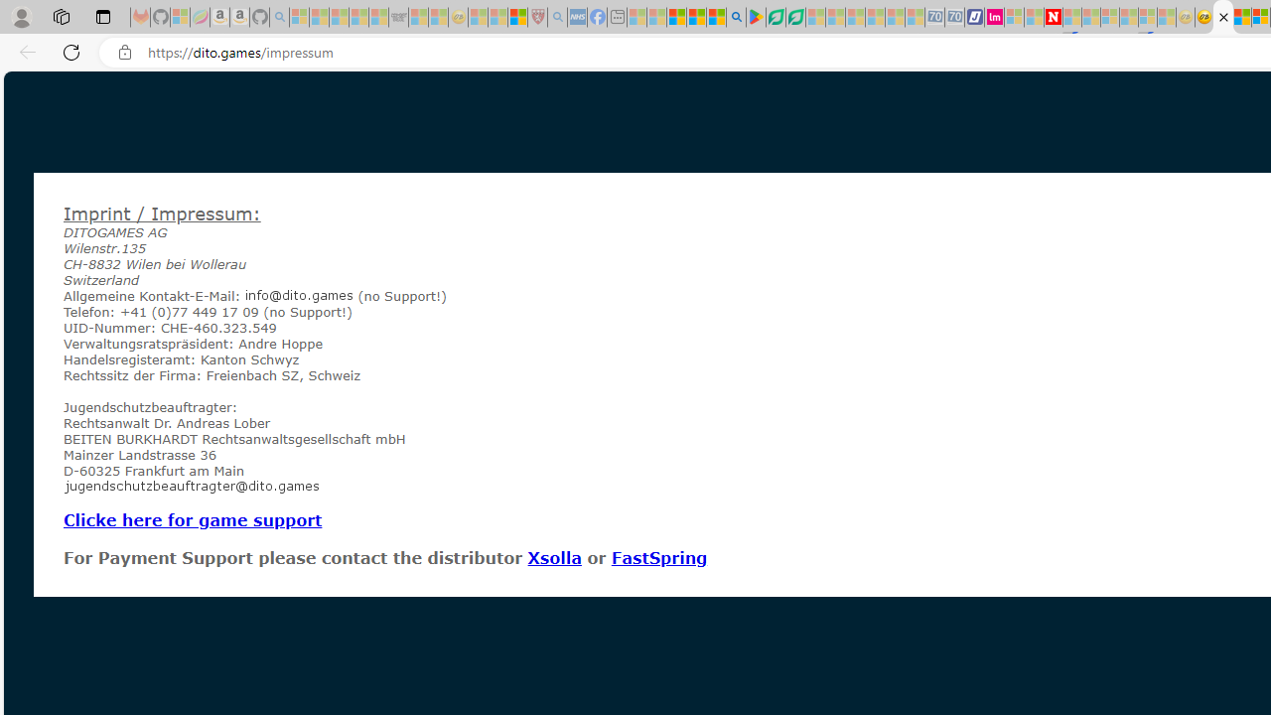  What do you see at coordinates (658, 557) in the screenshot?
I see `'FastSpring'` at bounding box center [658, 557].